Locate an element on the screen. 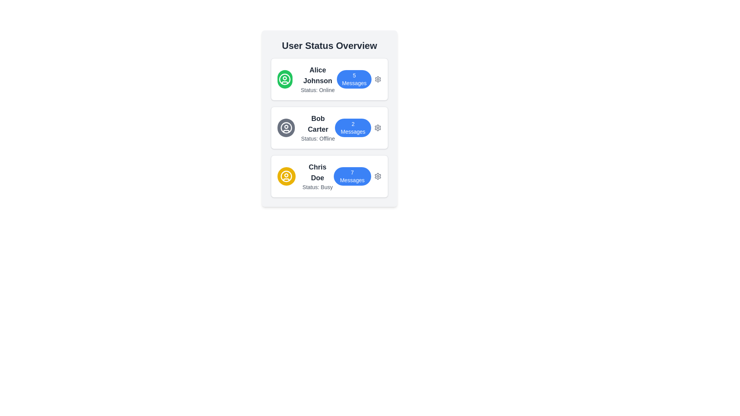 The image size is (740, 416). the profile image placeholder for user 'Chris Doe' in the third user card of the 'User Status Overview' section is located at coordinates (286, 176).